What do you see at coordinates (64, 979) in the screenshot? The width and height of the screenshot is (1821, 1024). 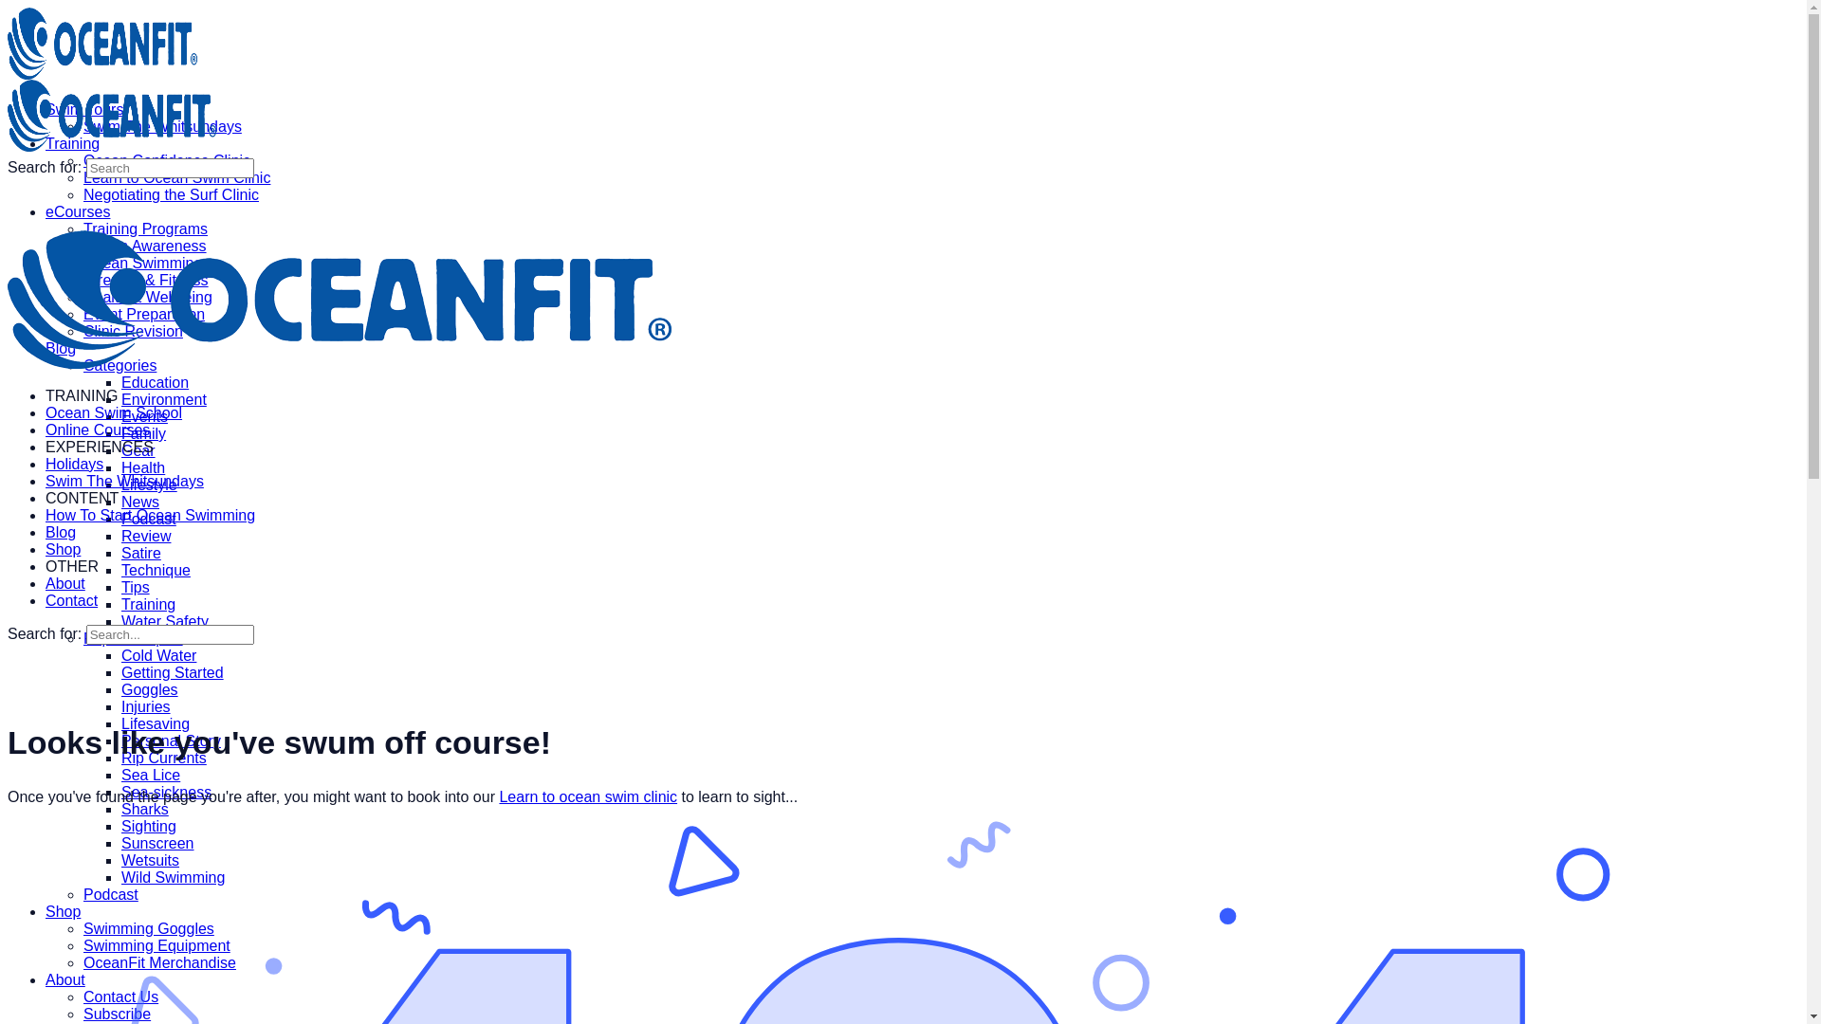 I see `'About'` at bounding box center [64, 979].